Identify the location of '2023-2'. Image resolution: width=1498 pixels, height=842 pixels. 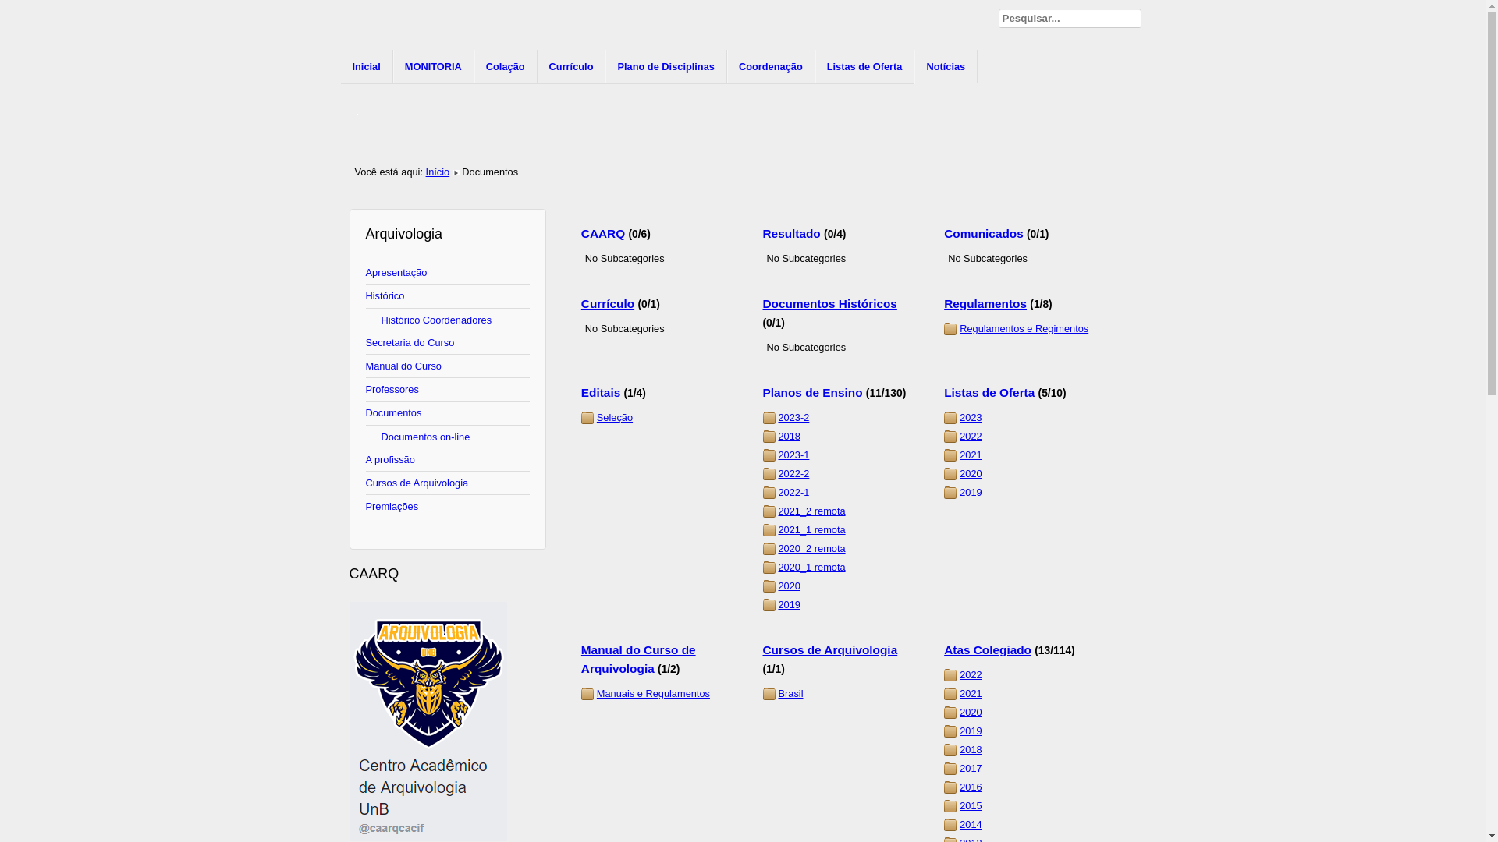
(779, 416).